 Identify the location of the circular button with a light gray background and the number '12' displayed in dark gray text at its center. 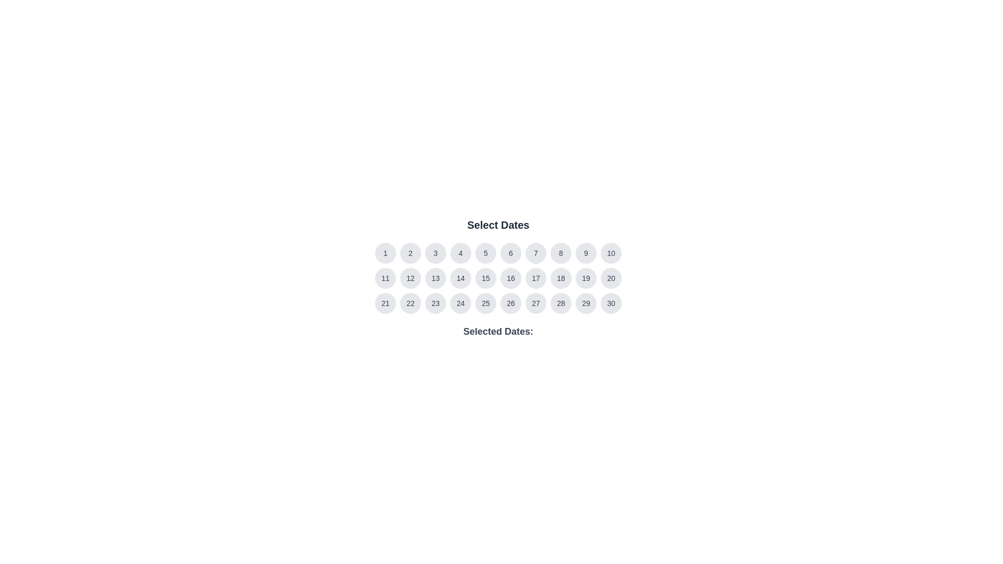
(410, 277).